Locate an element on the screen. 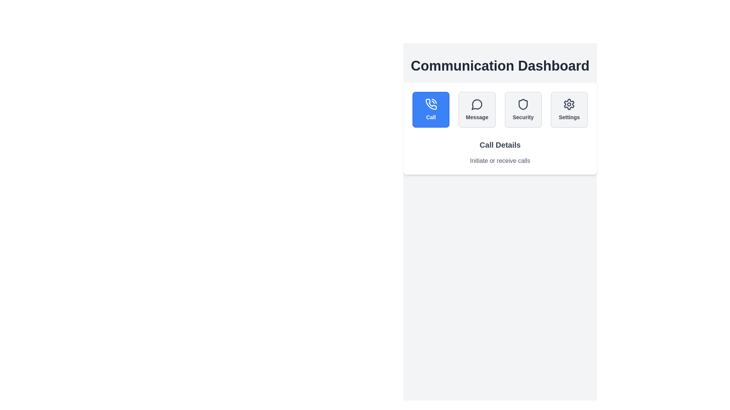 The height and width of the screenshot is (410, 730). the messaging-related icon located above the 'Message' text label in the second button of the Communication Dashboard is located at coordinates (476, 104).